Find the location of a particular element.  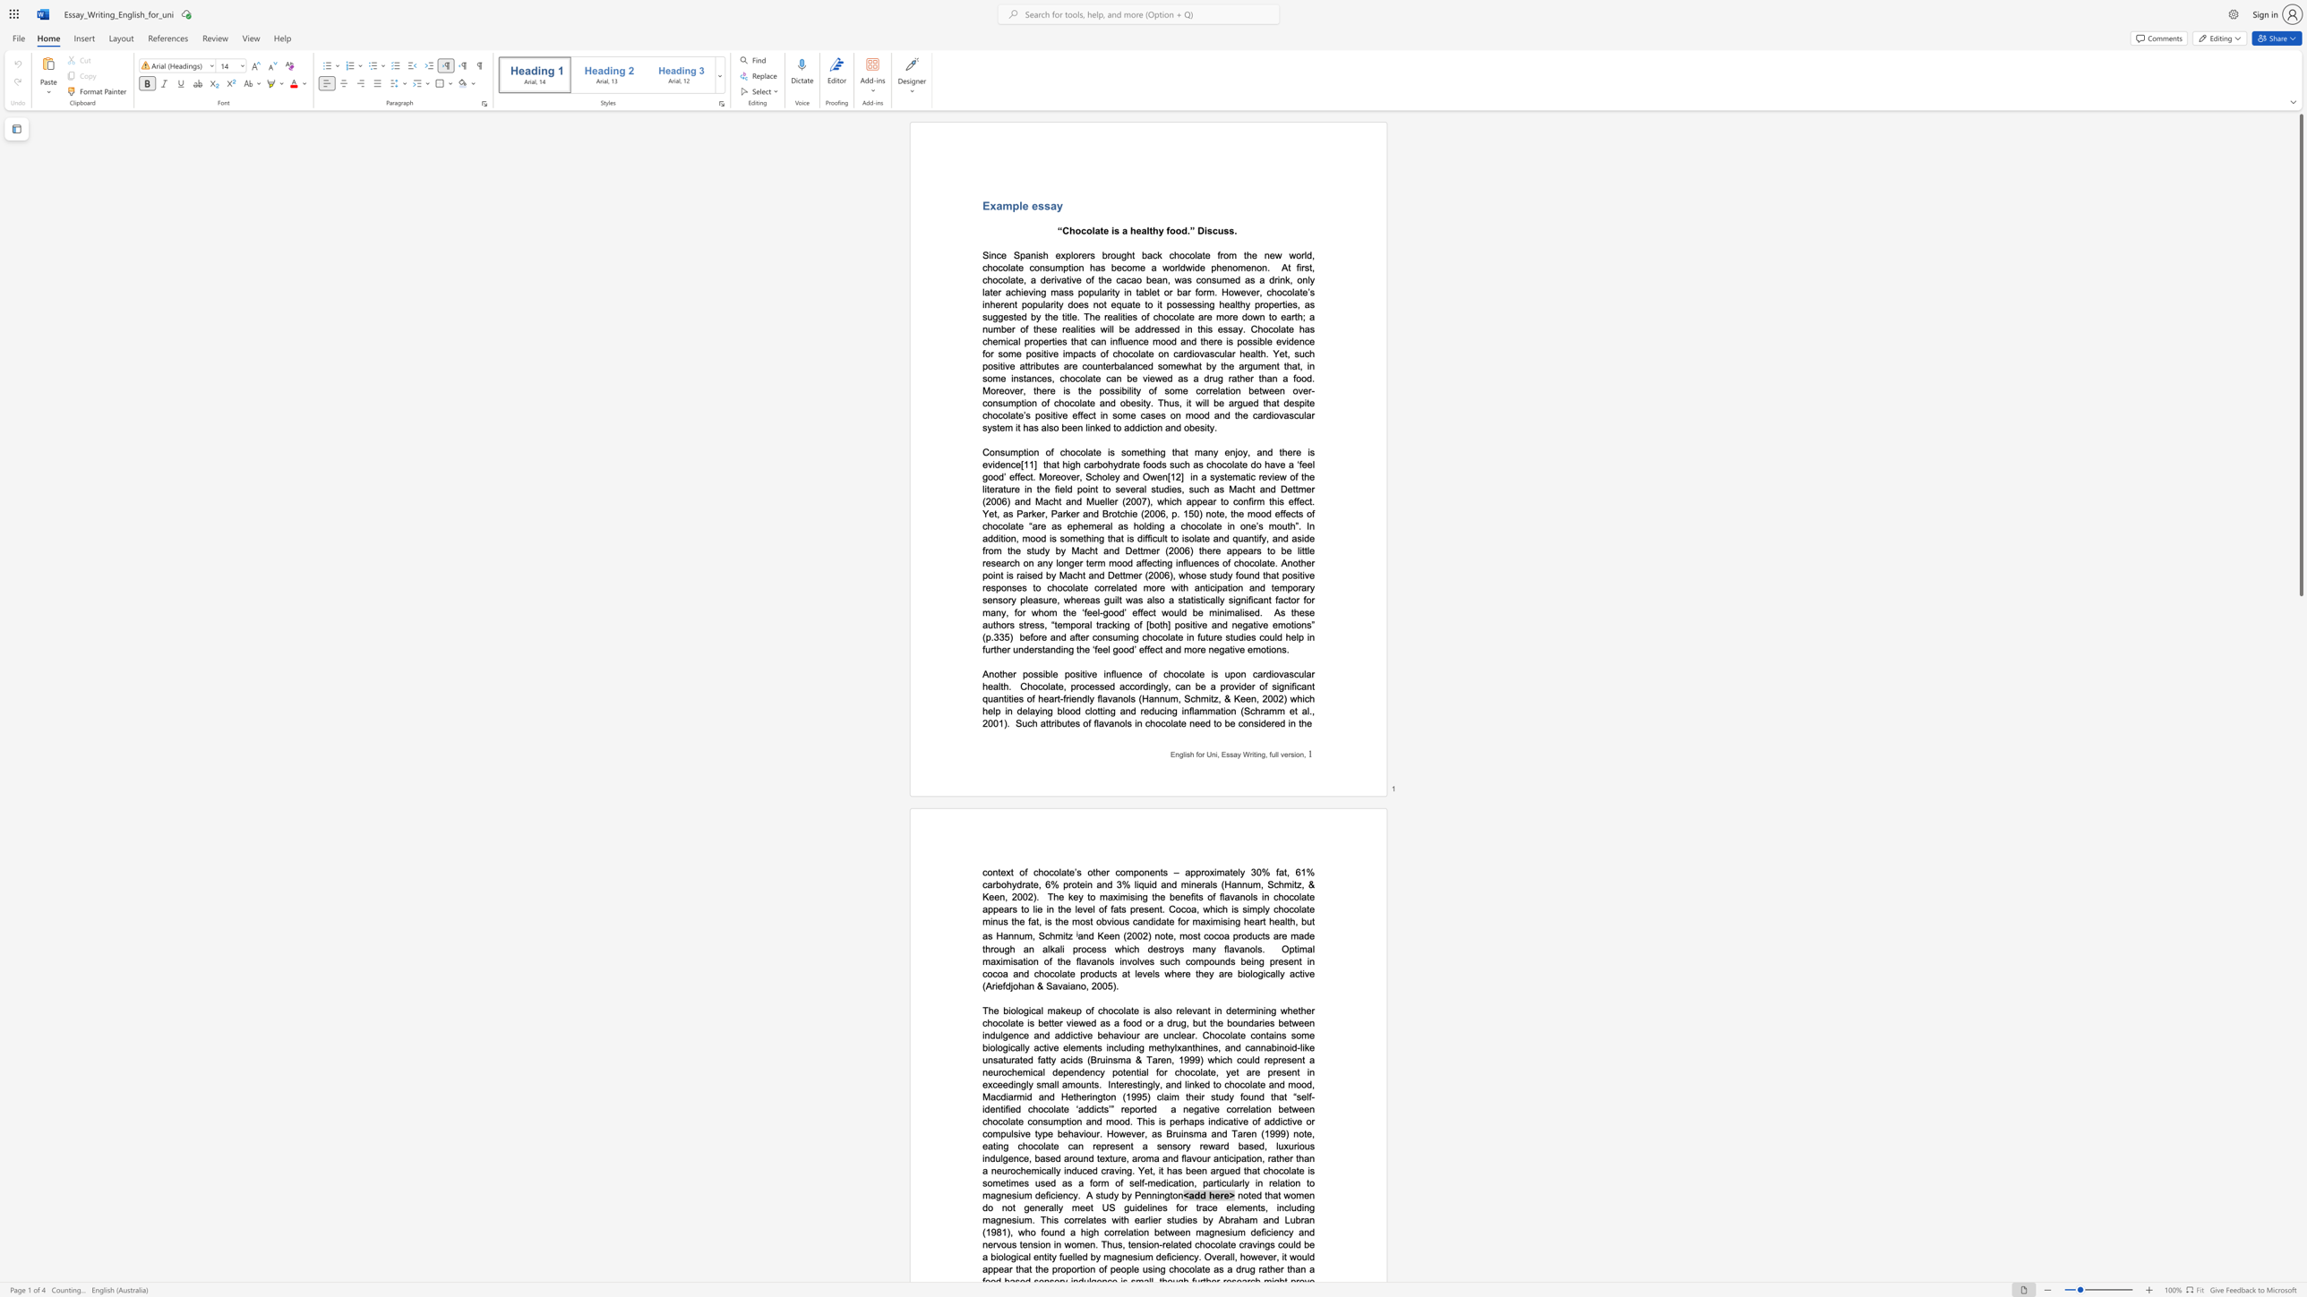

the scrollbar on the right side to scroll the page down is located at coordinates (2300, 875).